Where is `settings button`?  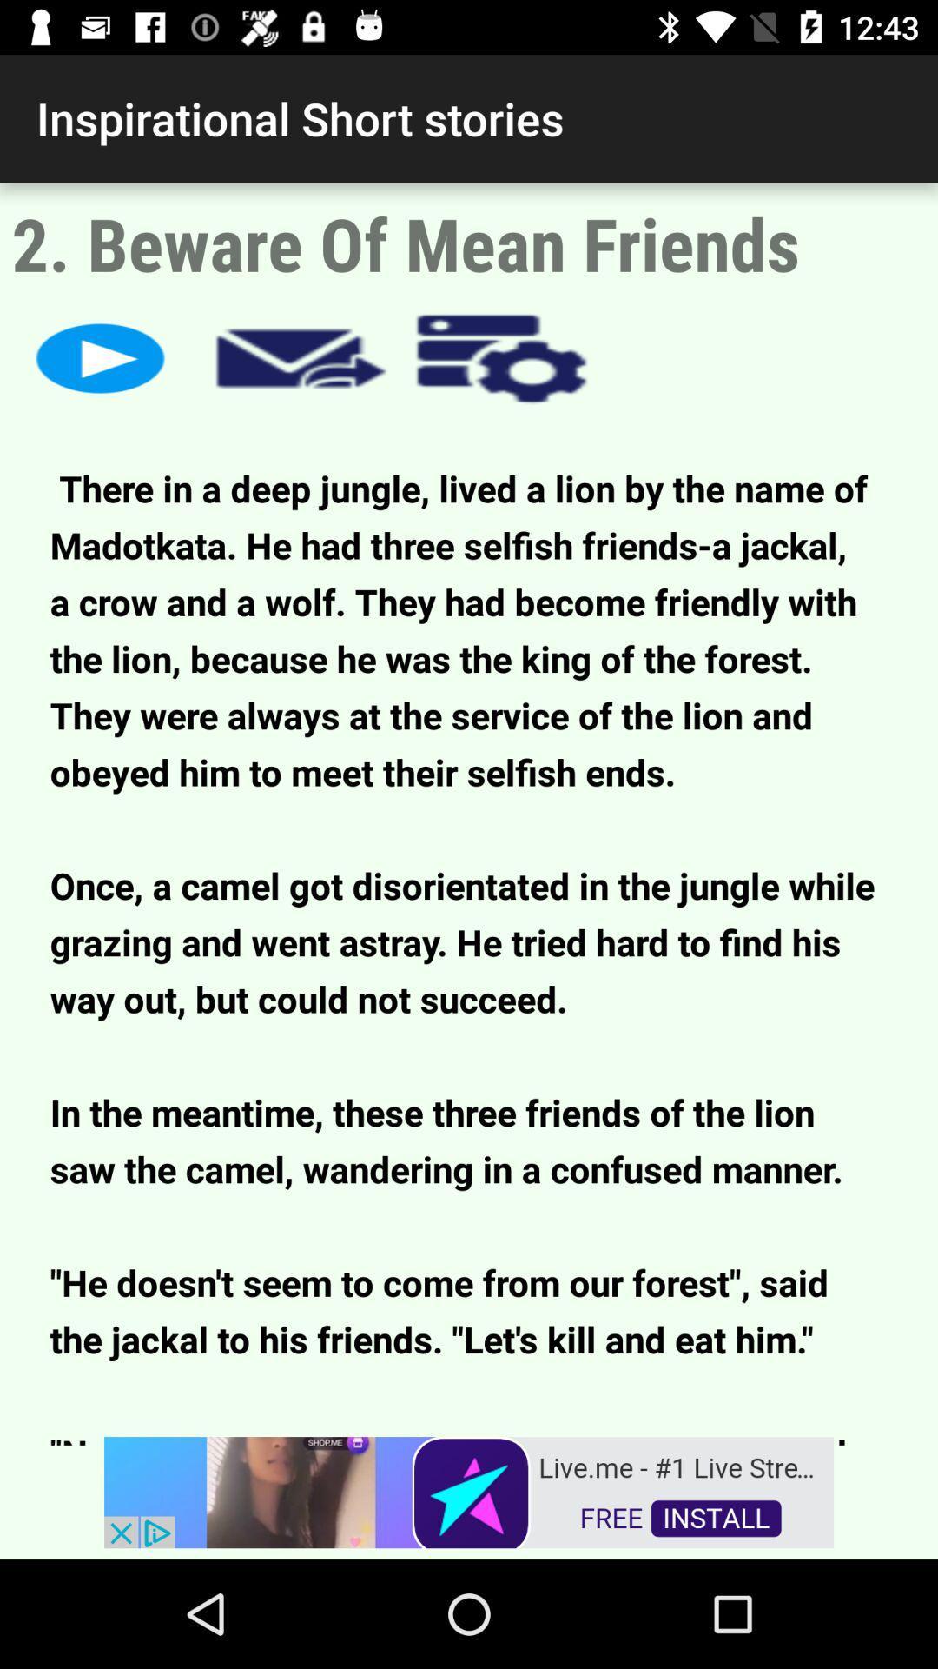
settings button is located at coordinates (501, 357).